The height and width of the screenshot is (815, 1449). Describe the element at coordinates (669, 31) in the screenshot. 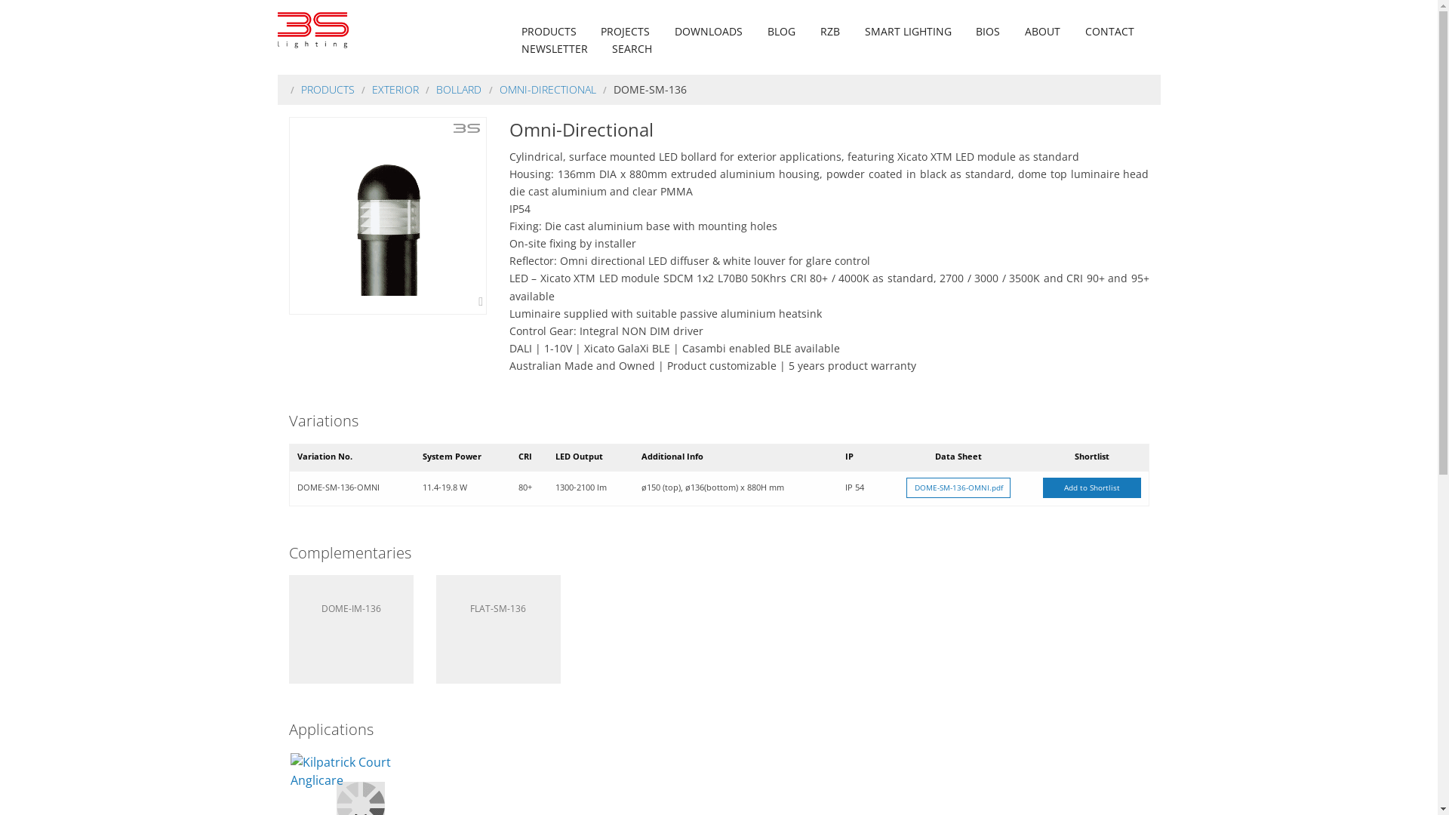

I see `'DOWNLOADS'` at that location.